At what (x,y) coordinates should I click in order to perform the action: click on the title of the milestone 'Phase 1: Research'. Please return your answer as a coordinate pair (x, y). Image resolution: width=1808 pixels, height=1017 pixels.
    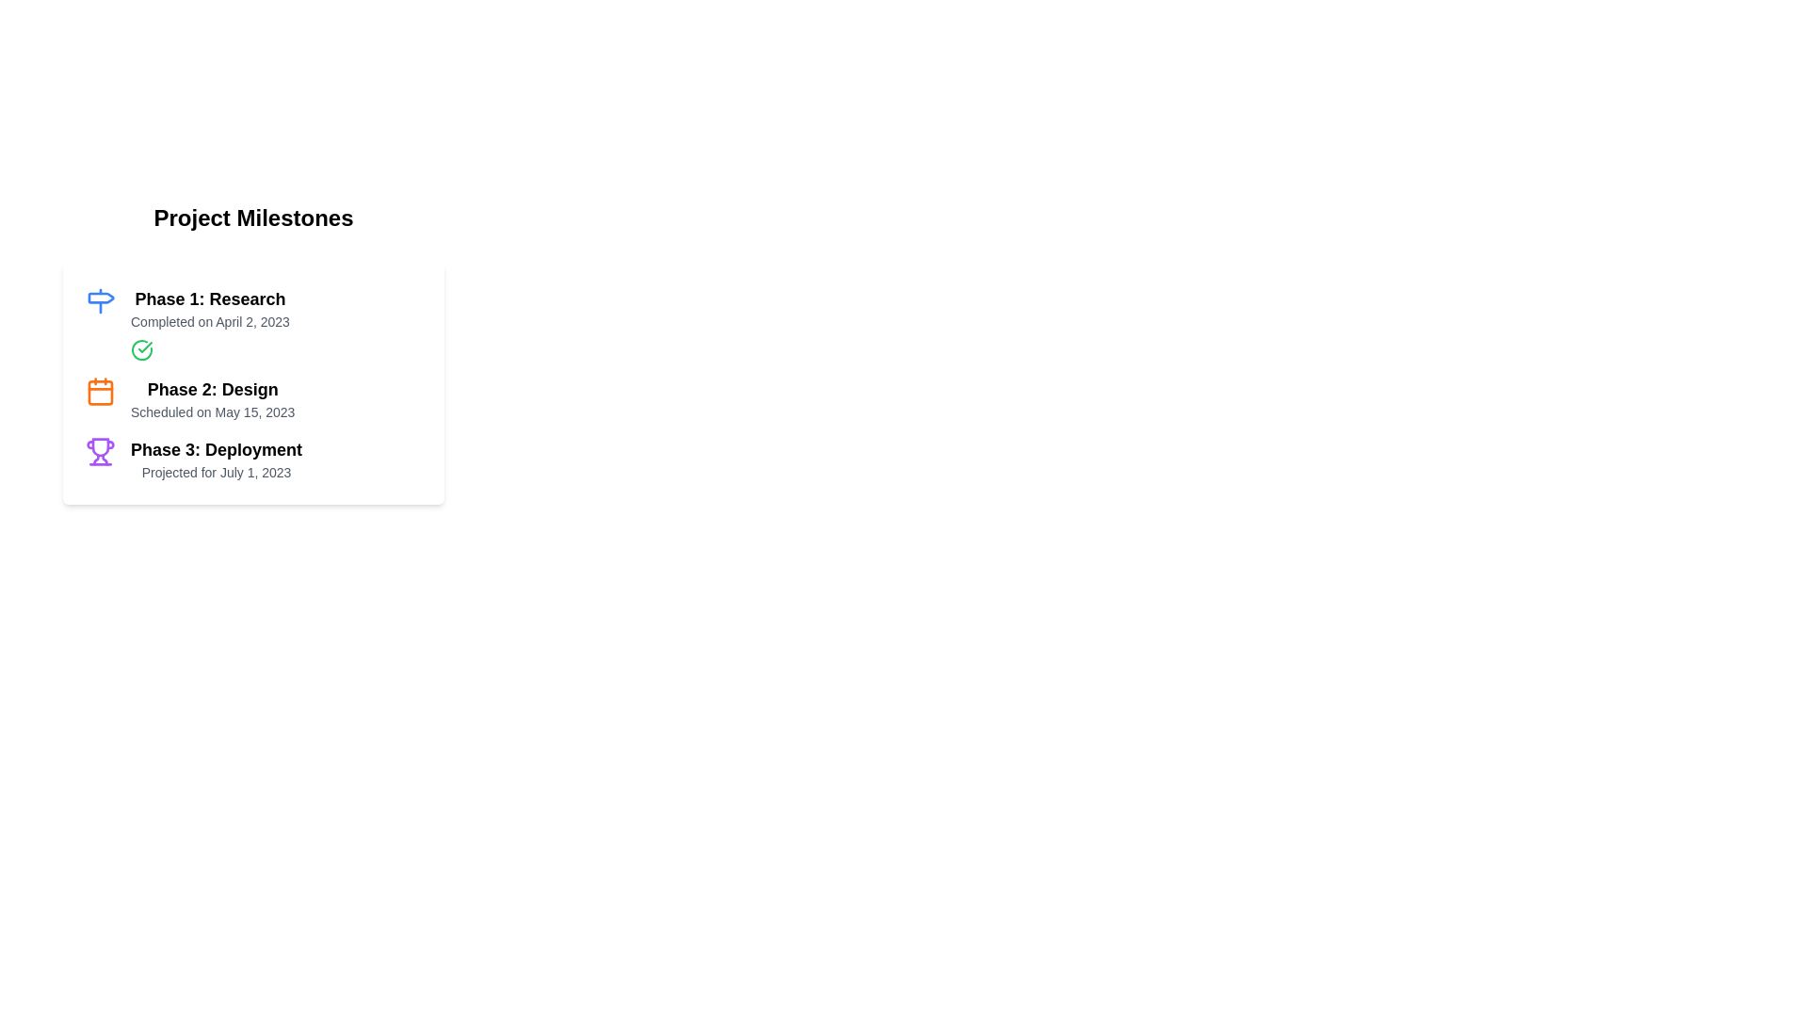
    Looking at the image, I should click on (252, 322).